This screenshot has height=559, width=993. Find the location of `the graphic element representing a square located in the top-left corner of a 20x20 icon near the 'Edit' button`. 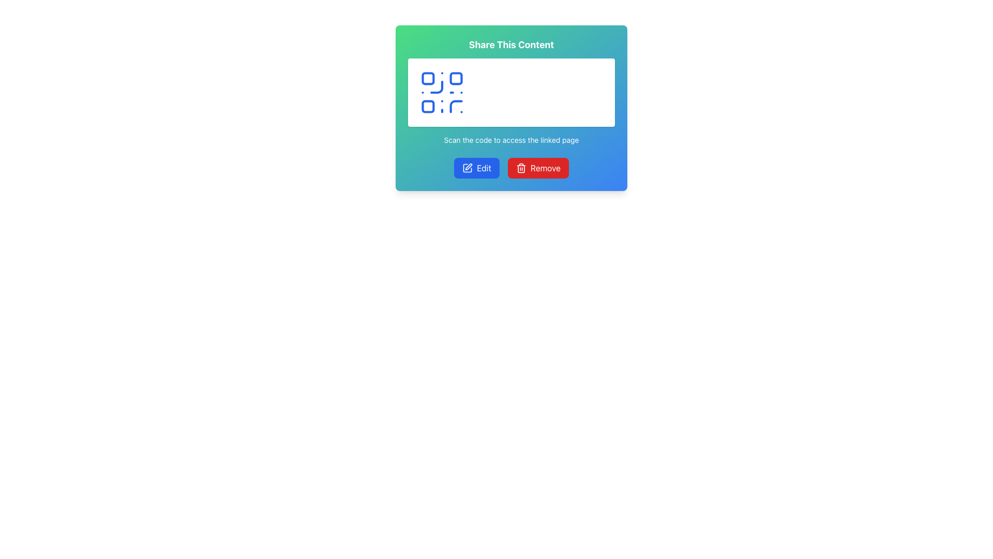

the graphic element representing a square located in the top-left corner of a 20x20 icon near the 'Edit' button is located at coordinates (467, 167).